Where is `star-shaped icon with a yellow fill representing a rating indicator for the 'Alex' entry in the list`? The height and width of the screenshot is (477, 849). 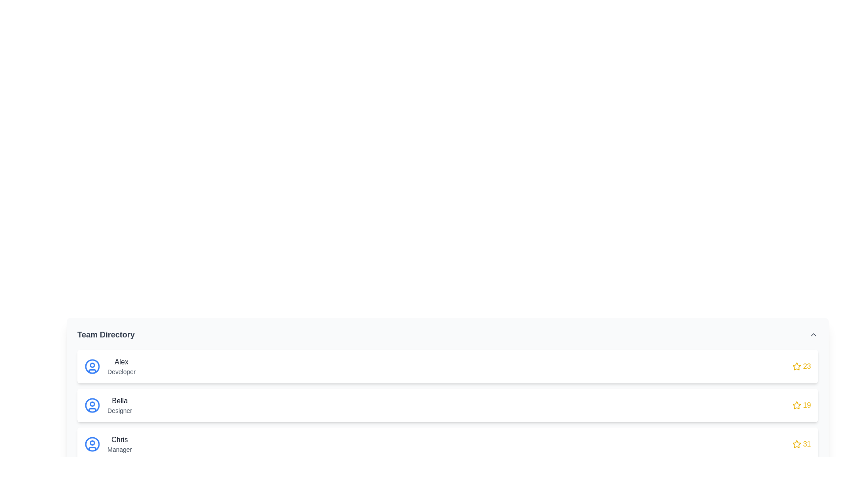
star-shaped icon with a yellow fill representing a rating indicator for the 'Alex' entry in the list is located at coordinates (797, 366).